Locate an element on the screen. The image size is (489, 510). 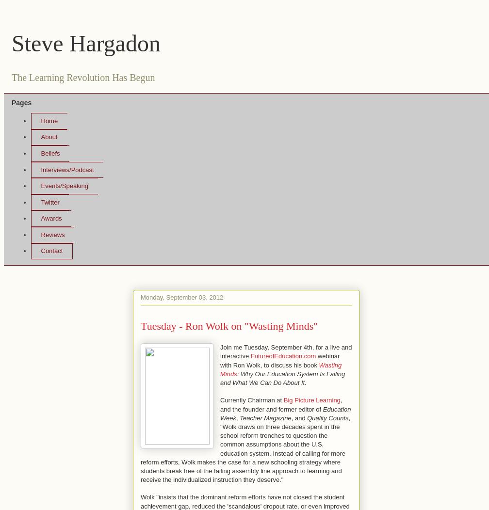
'Beliefs' is located at coordinates (40, 152).